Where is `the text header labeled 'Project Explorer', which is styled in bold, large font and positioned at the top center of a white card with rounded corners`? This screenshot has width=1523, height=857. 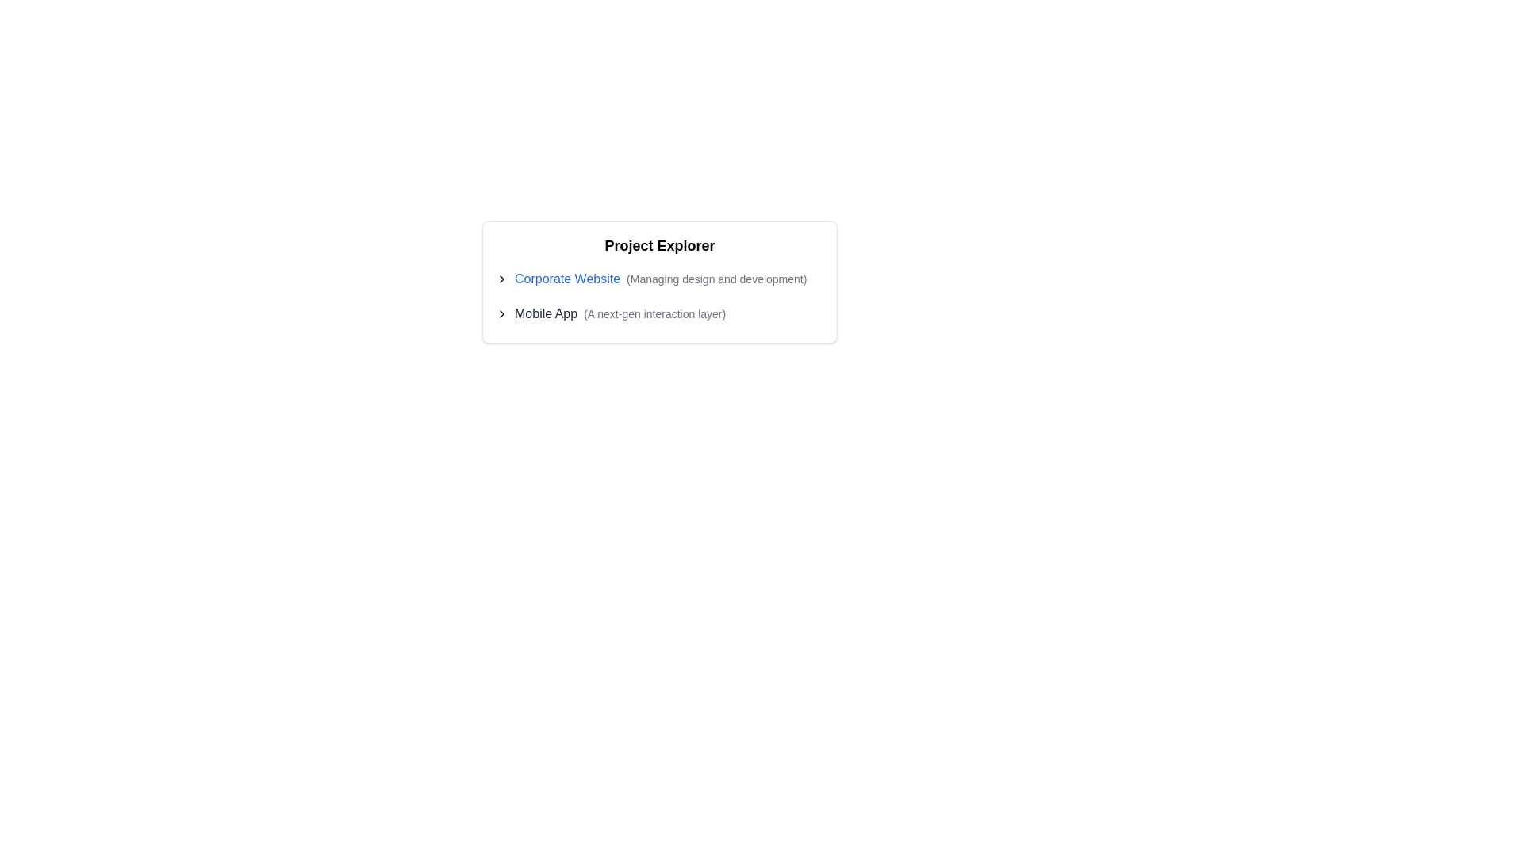
the text header labeled 'Project Explorer', which is styled in bold, large font and positioned at the top center of a white card with rounded corners is located at coordinates (659, 248).